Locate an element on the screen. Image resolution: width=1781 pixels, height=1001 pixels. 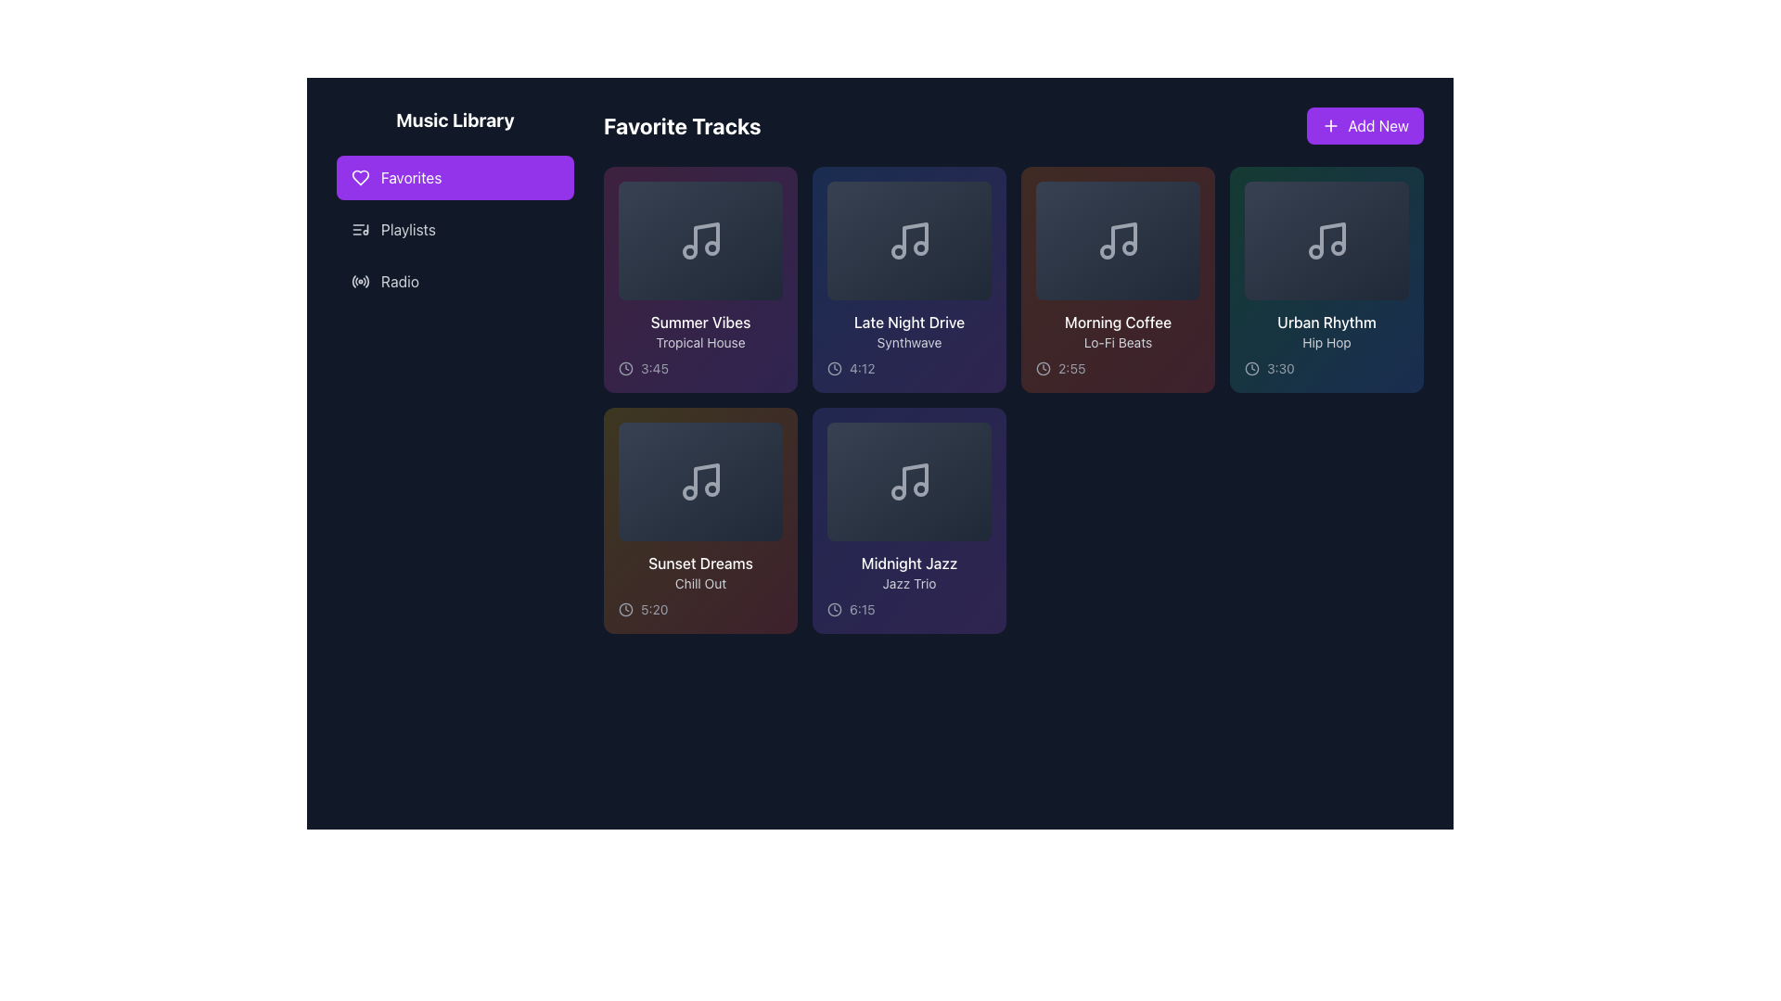
the SVG Circle Element located within the 'Late Night Drive' music track card, positioned slightly to the right on the upper section of the music note icon is located at coordinates (920, 247).